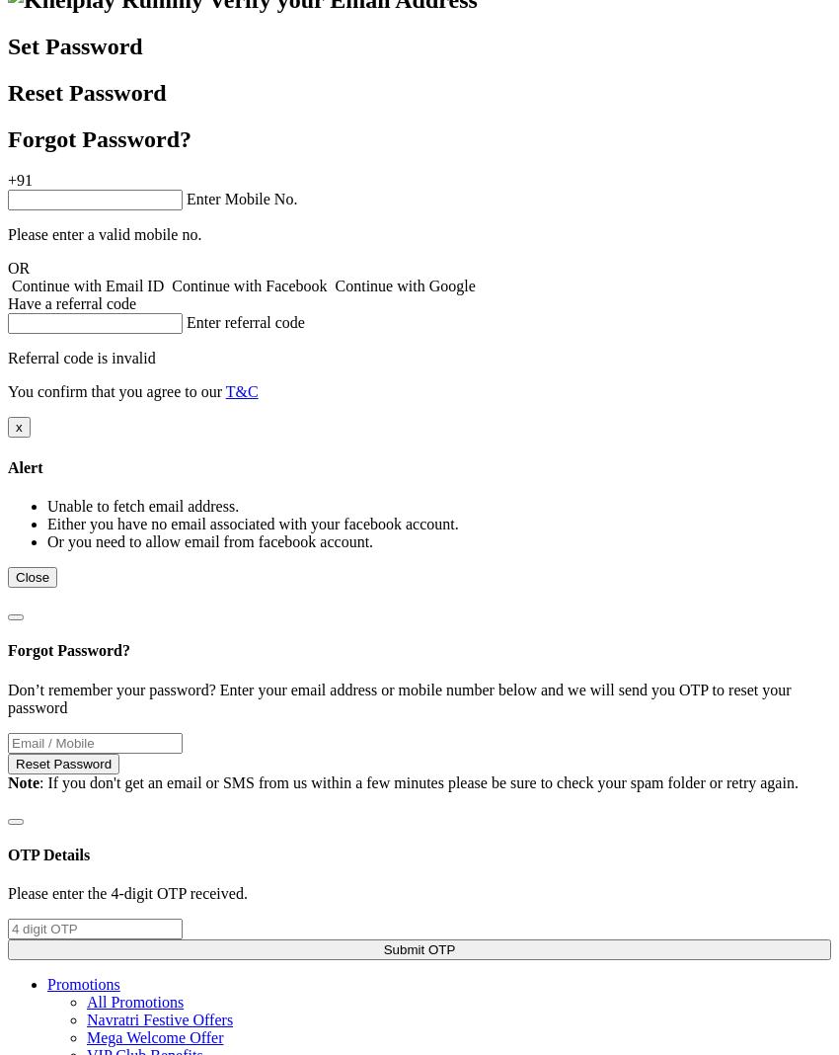 This screenshot has height=1055, width=839. What do you see at coordinates (85, 1037) in the screenshot?
I see `'Mega Welcome Offer'` at bounding box center [85, 1037].